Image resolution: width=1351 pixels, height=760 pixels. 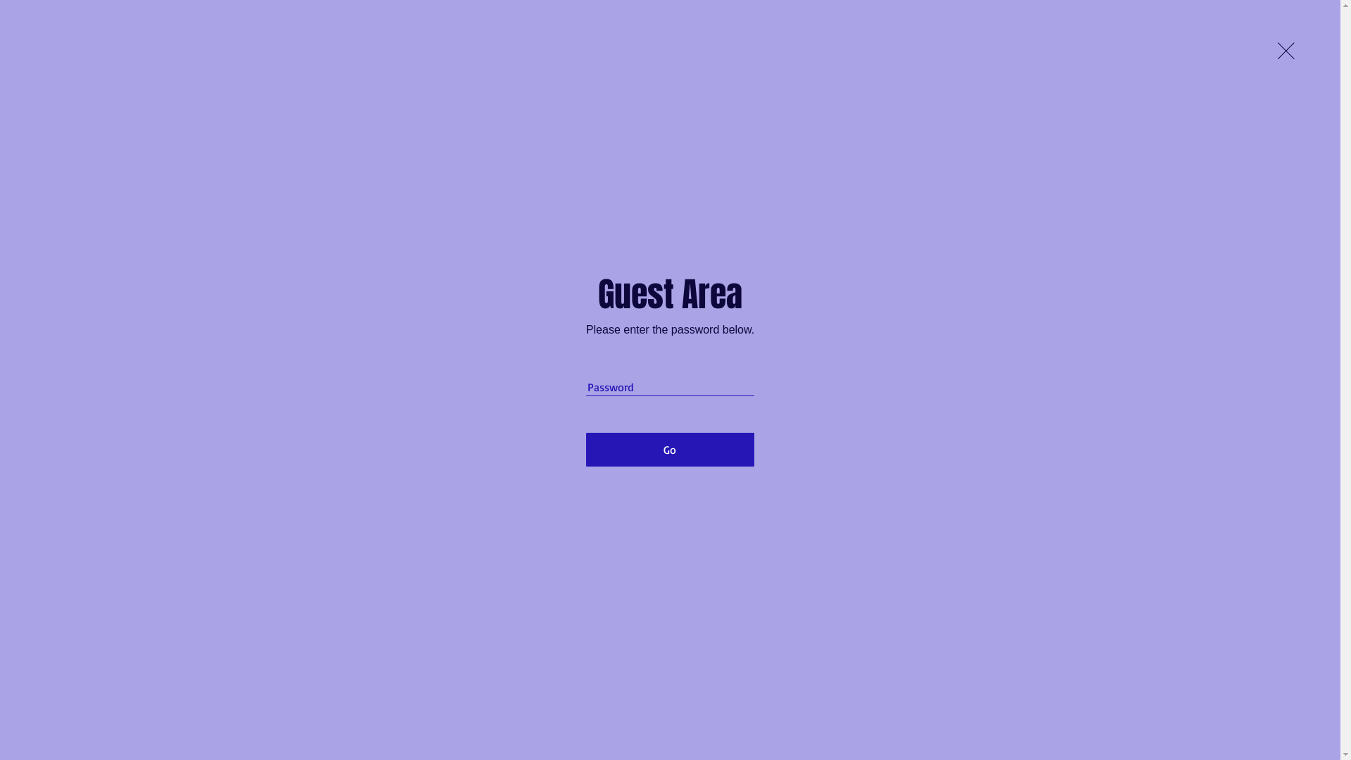 I want to click on 'Go', so click(x=669, y=450).